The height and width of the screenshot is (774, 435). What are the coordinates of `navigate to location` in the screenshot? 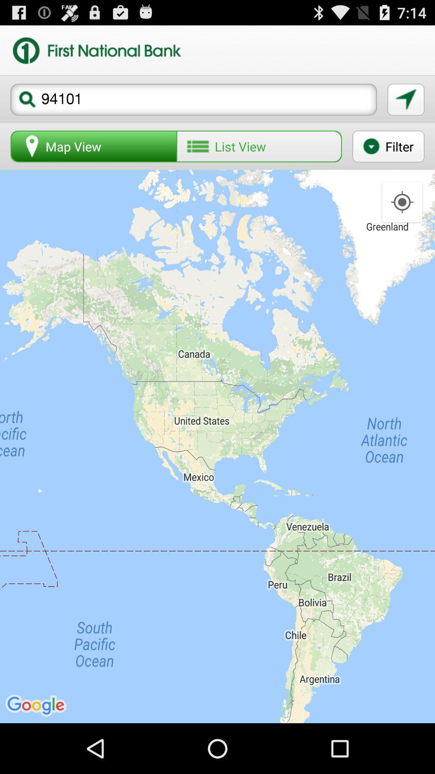 It's located at (406, 99).